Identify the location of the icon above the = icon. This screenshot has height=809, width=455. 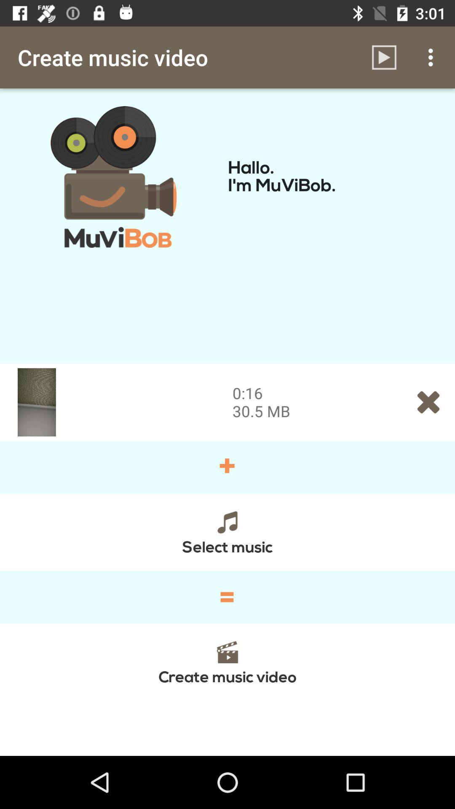
(227, 531).